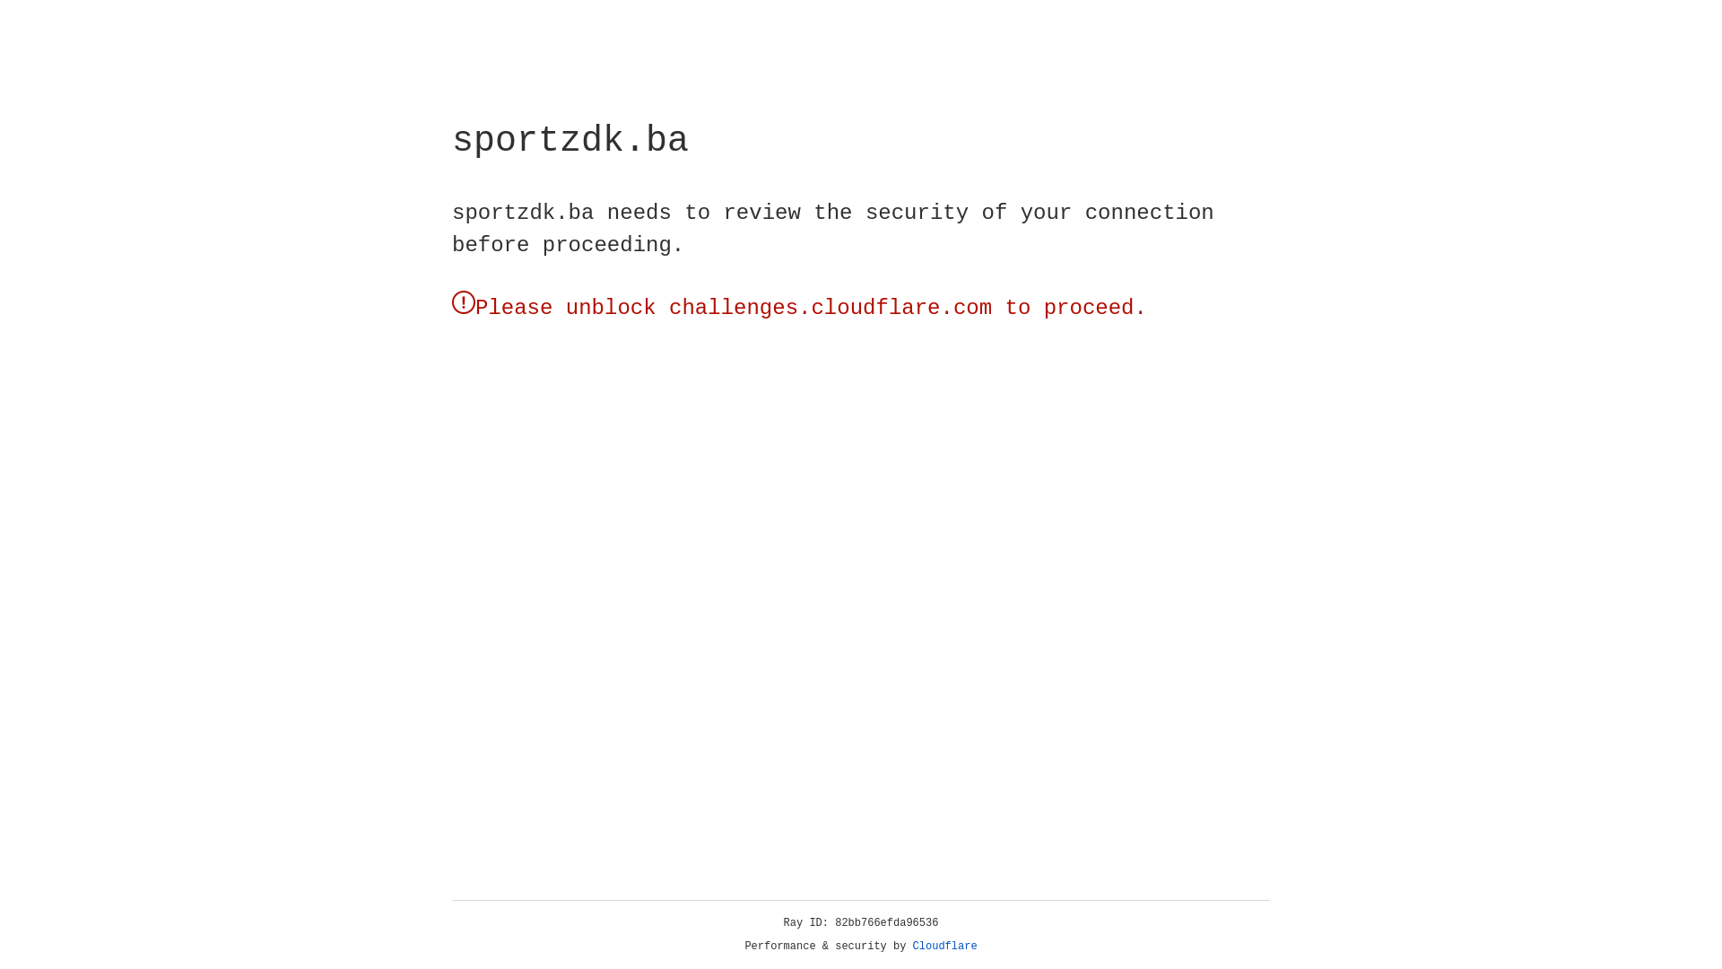 The image size is (1722, 969). I want to click on 'Cloudflare', so click(944, 946).